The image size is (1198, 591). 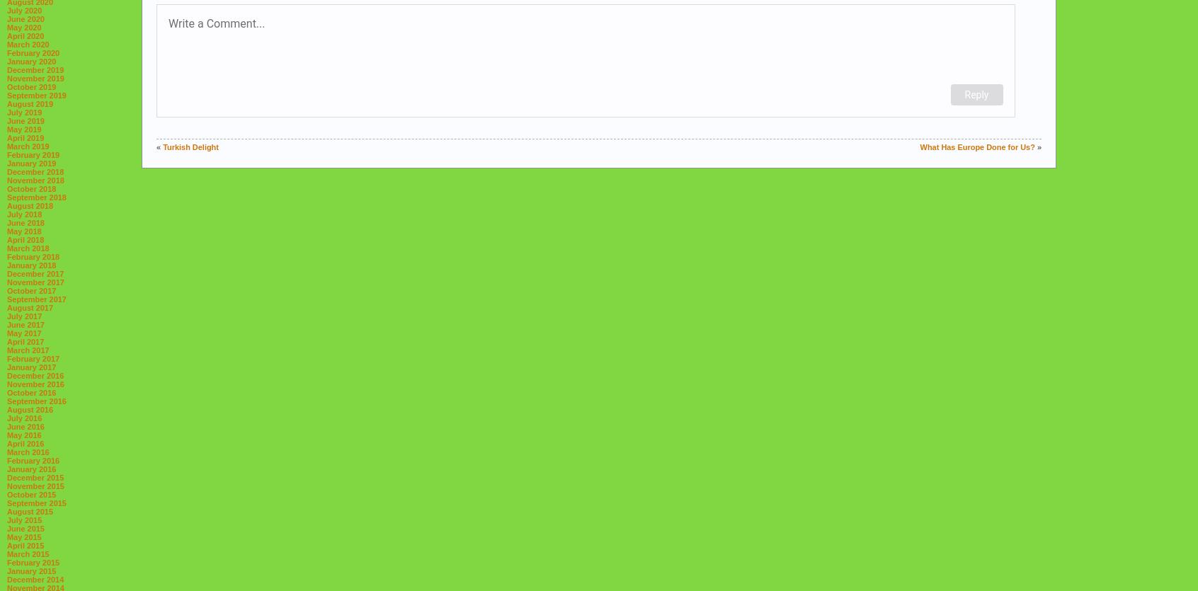 I want to click on 'February 2019', so click(x=33, y=155).